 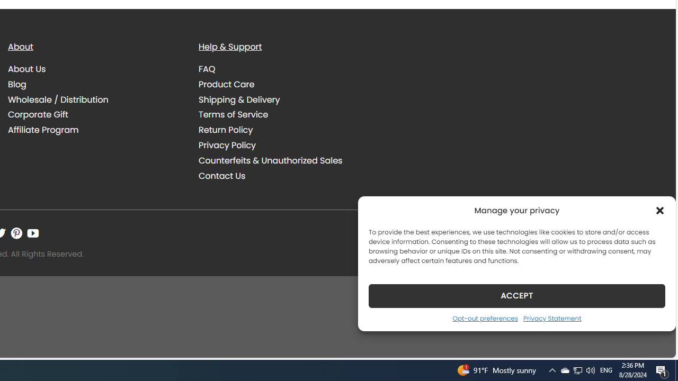 I want to click on 'Follow on Pinterest', so click(x=16, y=233).